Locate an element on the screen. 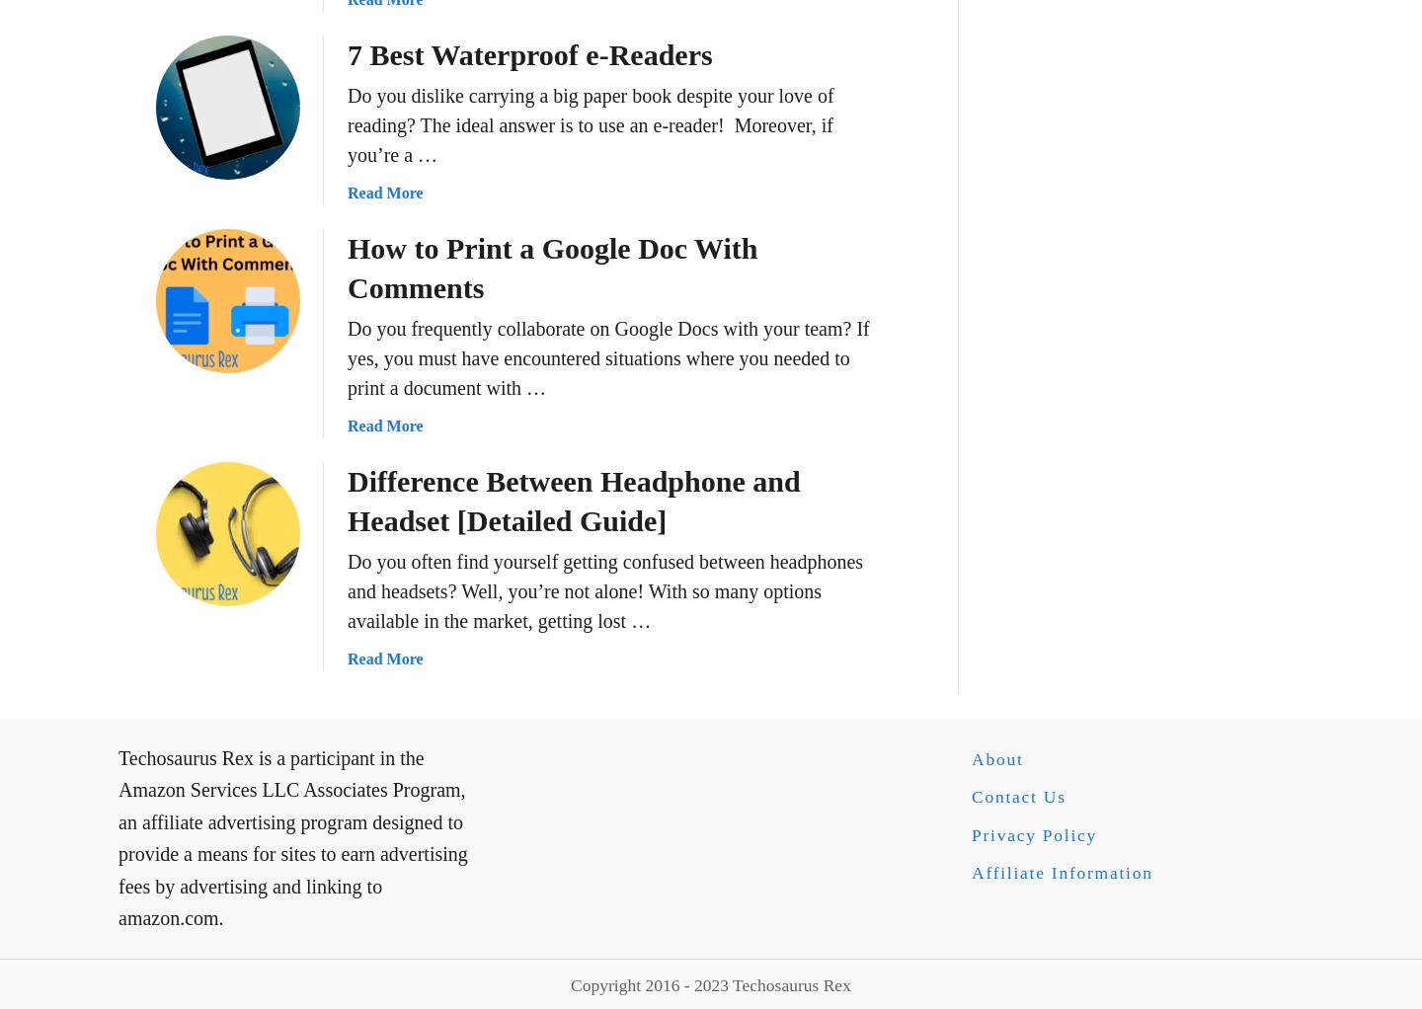  'Do you dislike carrying a big paper book despite your love of reading? The ideal answer is to use an e-reader!  Moreover, if you’re a …' is located at coordinates (591, 125).